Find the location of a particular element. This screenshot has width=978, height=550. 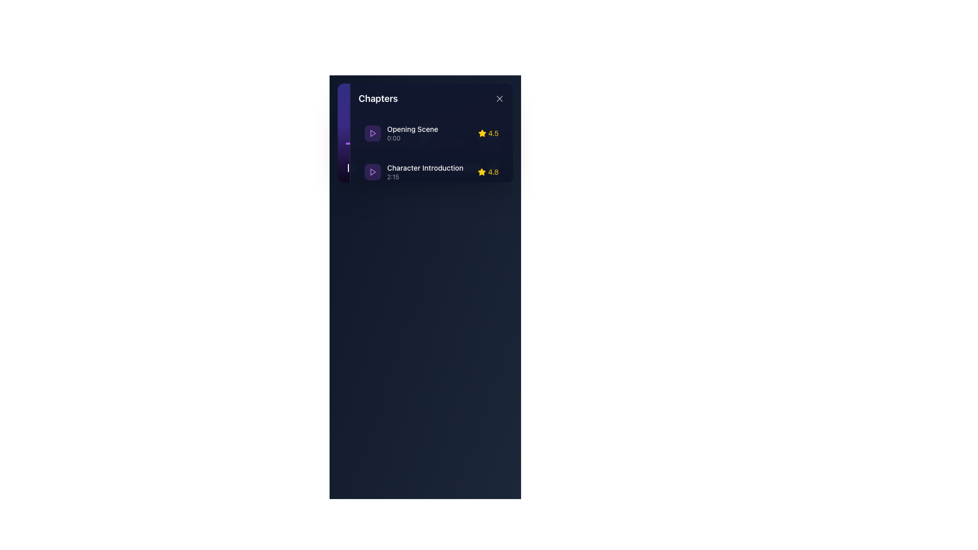

the star-shaped icon with a bright yellow fill, located next to the '4.5' rating in the first entry of the 'Chapters' section, right of 'Opening Scene' is located at coordinates (481, 133).